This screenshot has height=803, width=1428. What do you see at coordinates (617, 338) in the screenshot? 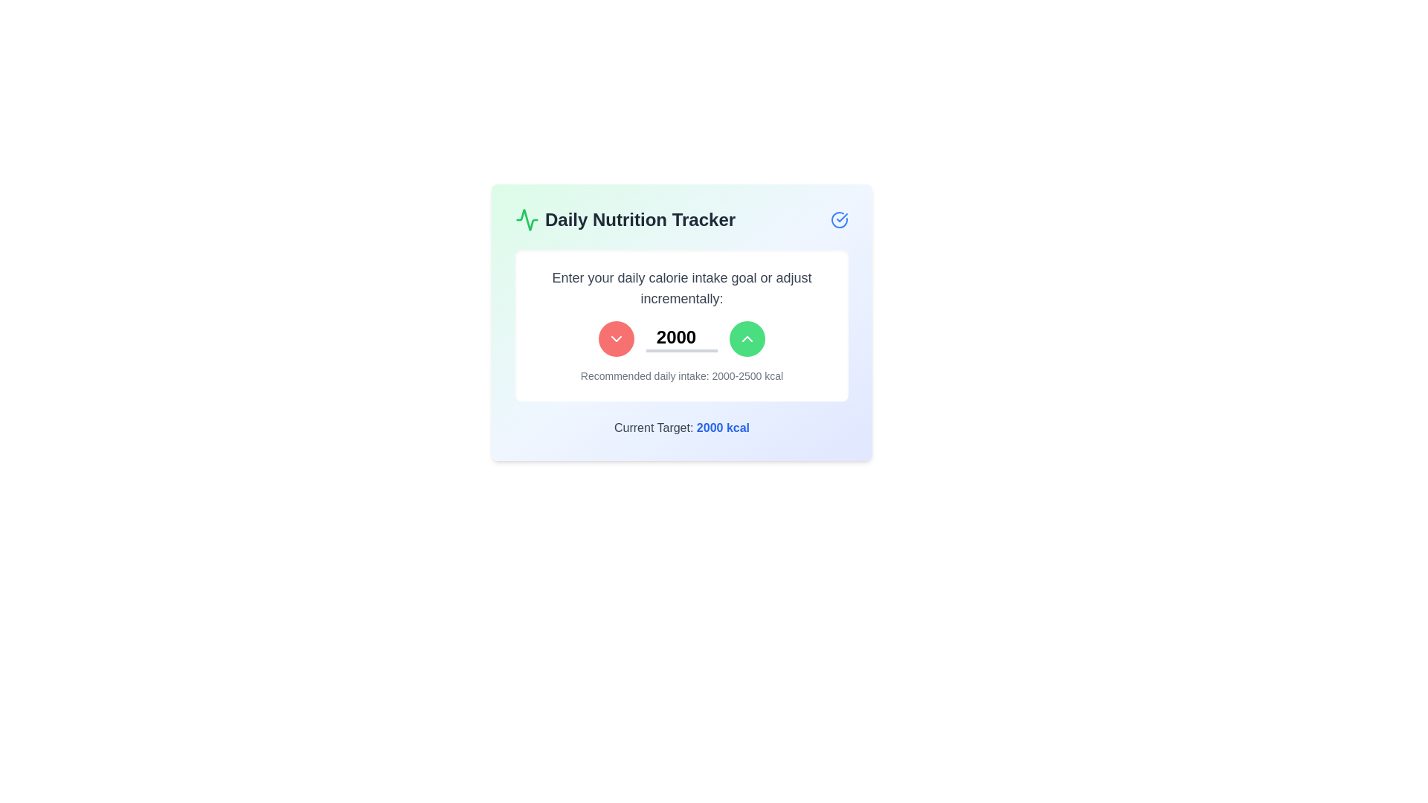
I see `the SVG downward chevron icon located within the red circular button, adjacent to the 'decrement calorie' functionality` at bounding box center [617, 338].